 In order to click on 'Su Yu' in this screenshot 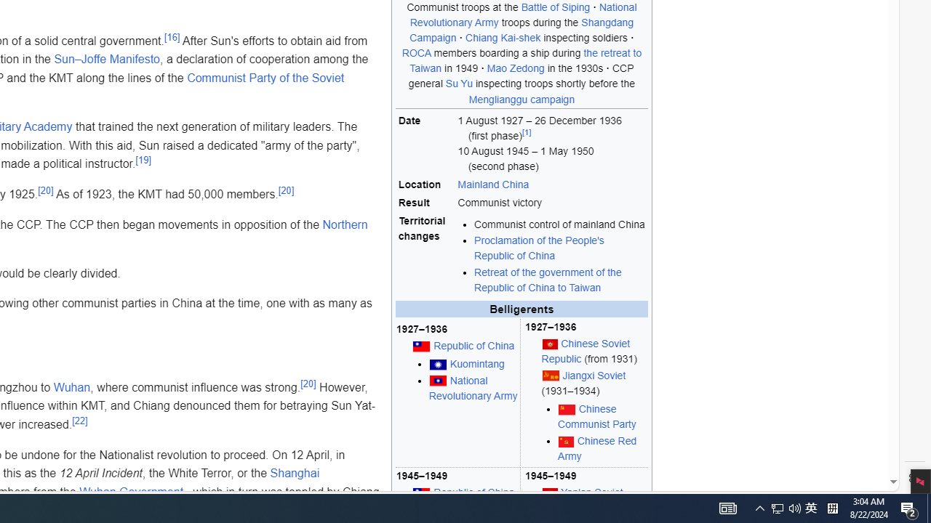, I will do `click(458, 84)`.